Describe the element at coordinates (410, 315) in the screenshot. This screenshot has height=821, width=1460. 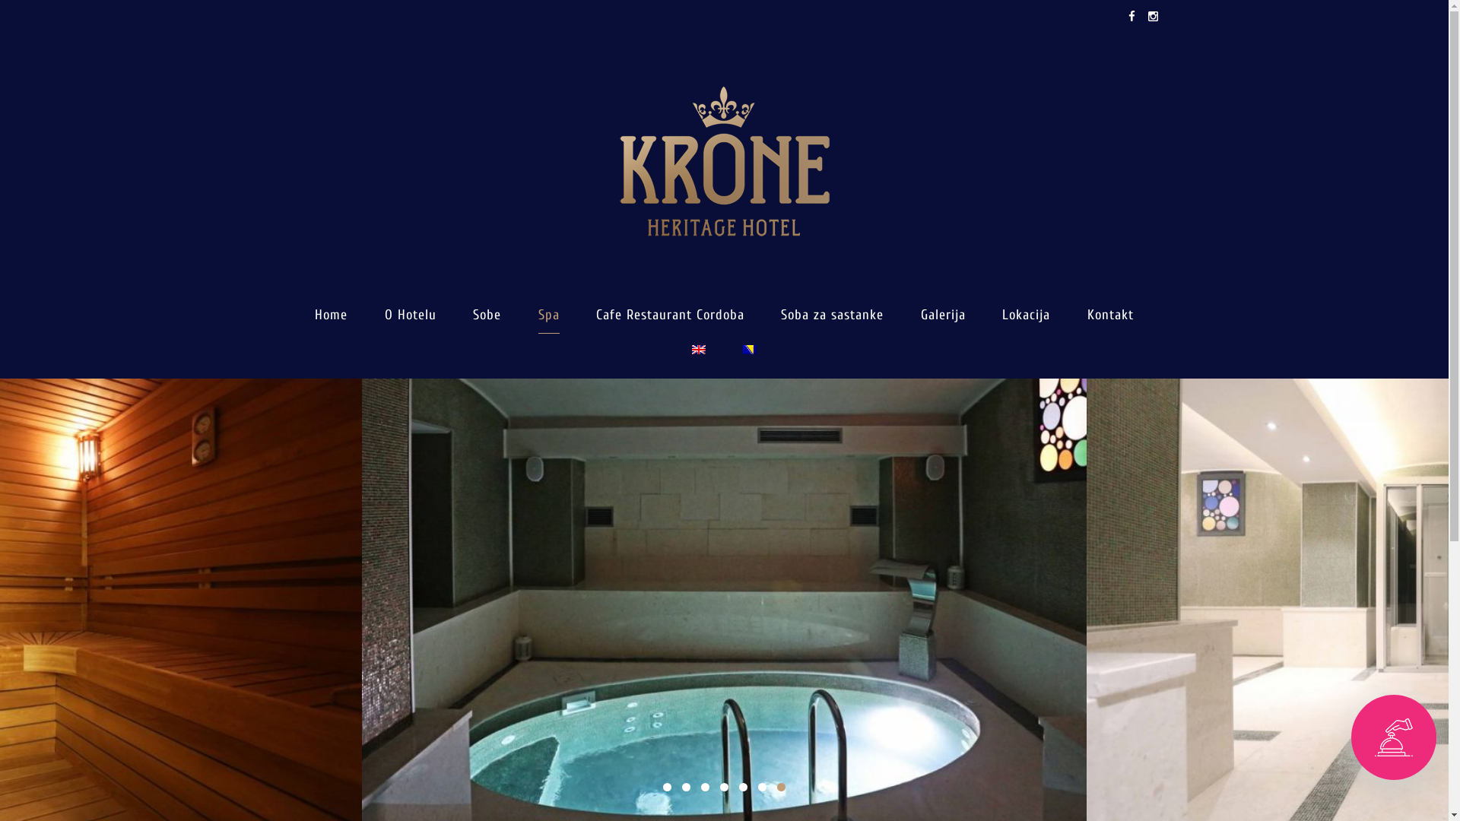
I see `'O Hotelu'` at that location.